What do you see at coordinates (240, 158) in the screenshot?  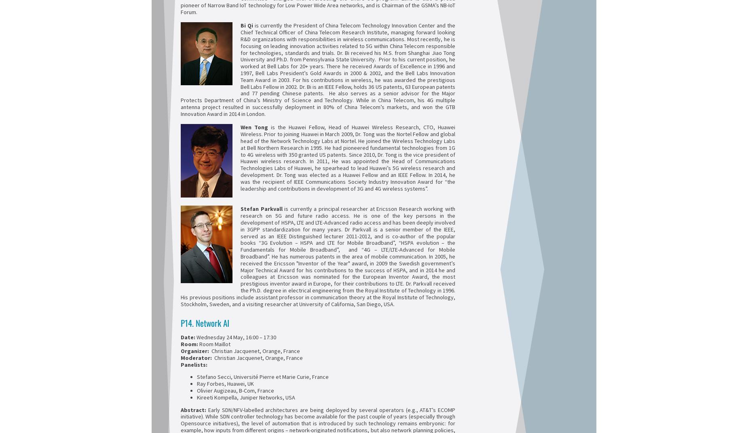 I see `'is the Huawei Fellow, Head of Huawei Wireless Research, CTO, Huawei Wireless. Prior to joining Huawei in March 2009, Dr. Tong was the Nortel Fellow and global head of the Network Technology Labs at Nortel. He joined the Wireless Technology Labs at Bell Northern Research in 1995. He had pioneered fundamental technologies from 1G to 4G wireless with 350 granted US patents. Since 2010, Dr. Tong is the vice president of Huawei wireless research. In 2011, He was appointed the Head of Communications Technologies Labs of Huawei, he spearhead to lead Huawei’s 5G wireless research and development. Dr. Tong was elected as a Huawei Fellow and an IEEE Fellow. In 2014, he was the recipient of IEEE Communications Society Industry Innovation Award for “the leadership and contributions in development of 3G and 4G wireless systems”.'` at bounding box center [240, 158].